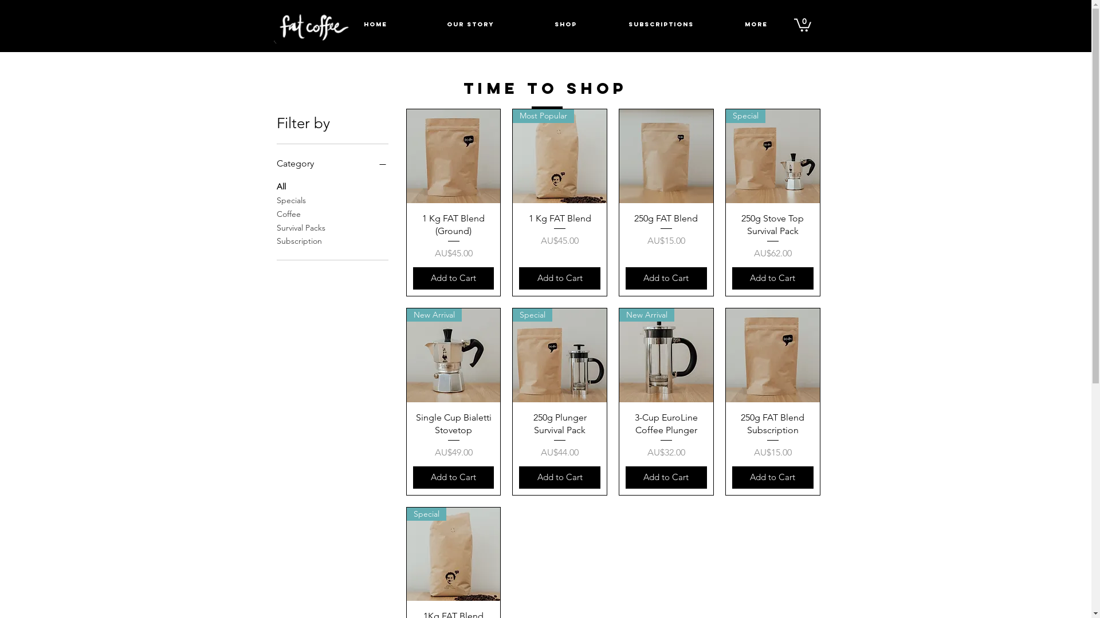  What do you see at coordinates (666, 435) in the screenshot?
I see `'3-Cup EuroLine Coffee Plunger` at bounding box center [666, 435].